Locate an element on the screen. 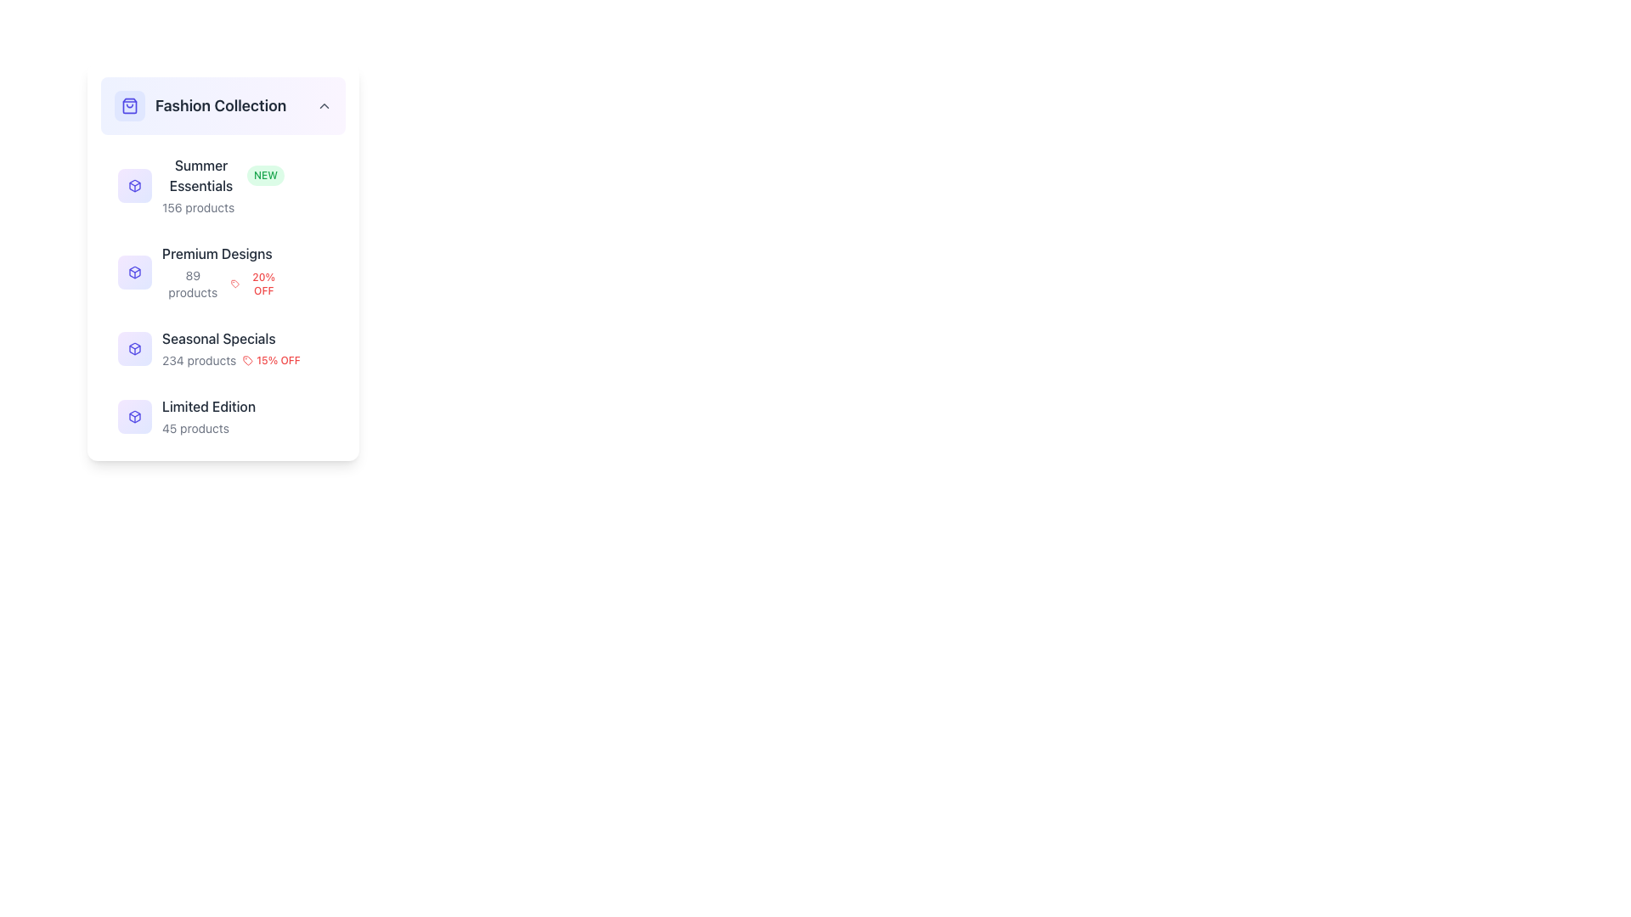 The height and width of the screenshot is (917, 1631). the 'Limited Edition' category label, which is the fourth item in the vertically stacked list within the 'Fashion Collection' section is located at coordinates (226, 416).